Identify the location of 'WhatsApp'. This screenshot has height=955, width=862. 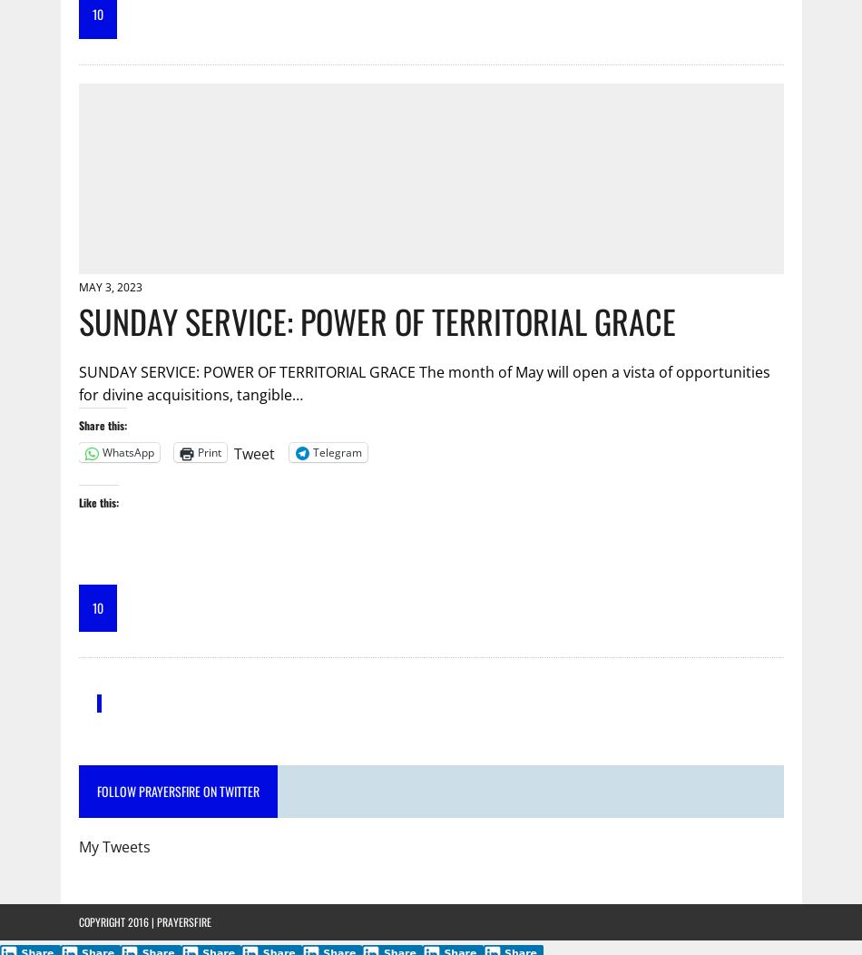
(127, 451).